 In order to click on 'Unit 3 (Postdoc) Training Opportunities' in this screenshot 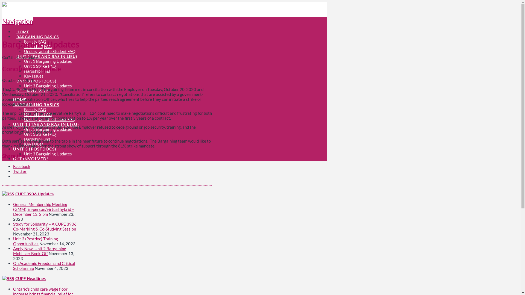, I will do `click(35, 241)`.